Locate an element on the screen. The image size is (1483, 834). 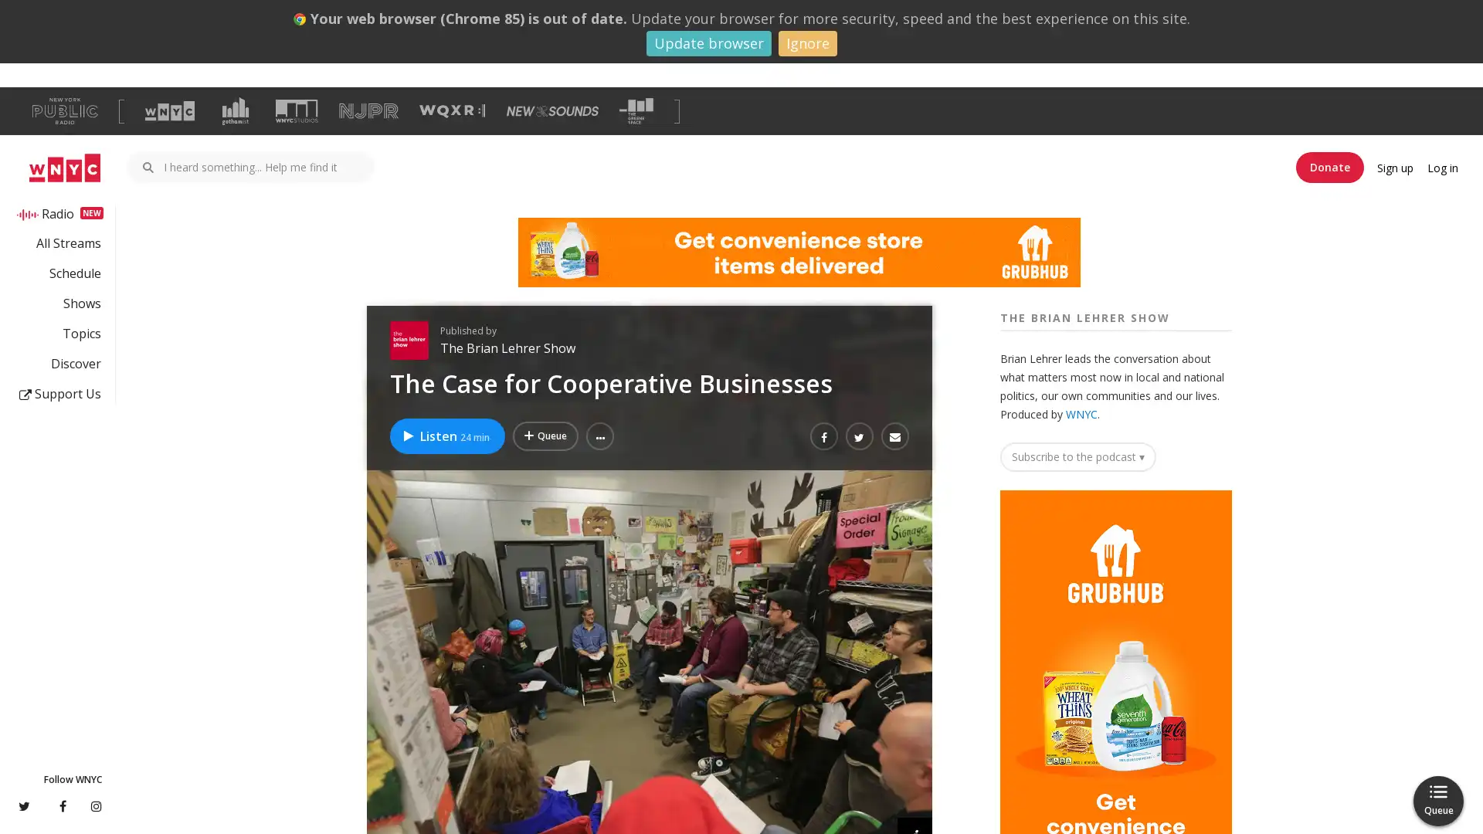
Listen to The Case for Cooperative Businesses is located at coordinates (446, 435).